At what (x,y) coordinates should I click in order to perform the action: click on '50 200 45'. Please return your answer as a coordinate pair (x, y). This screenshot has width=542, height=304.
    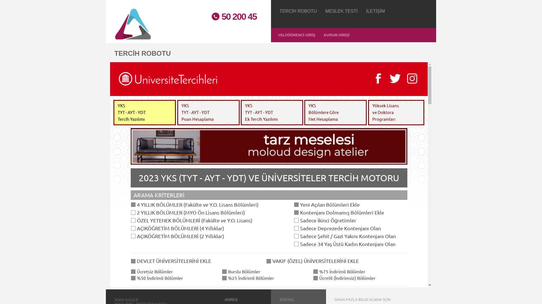
    Looking at the image, I should click on (231, 16).